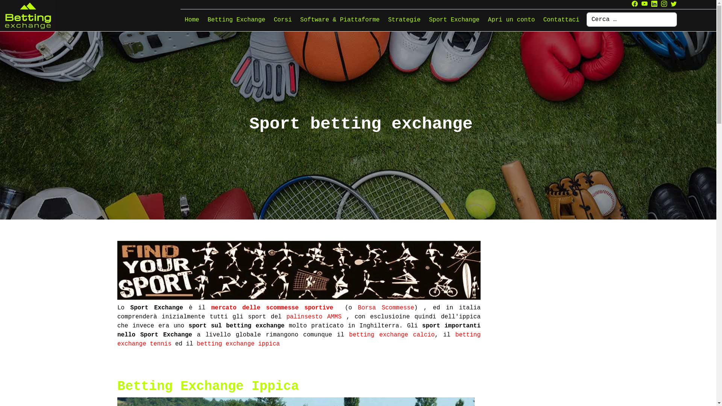 This screenshot has height=406, width=722. Describe the element at coordinates (634, 4) in the screenshot. I see `'Facebook'` at that location.